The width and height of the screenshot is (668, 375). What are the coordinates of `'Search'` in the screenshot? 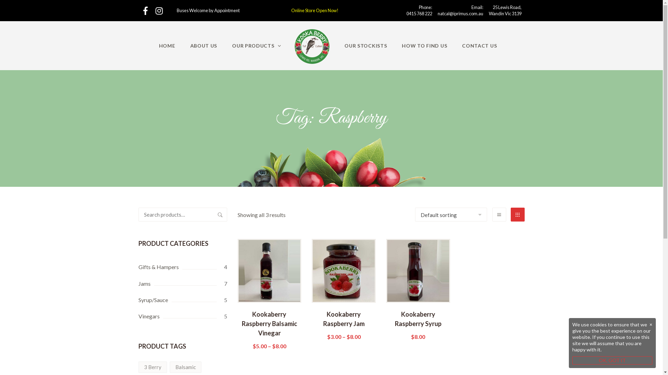 It's located at (220, 214).